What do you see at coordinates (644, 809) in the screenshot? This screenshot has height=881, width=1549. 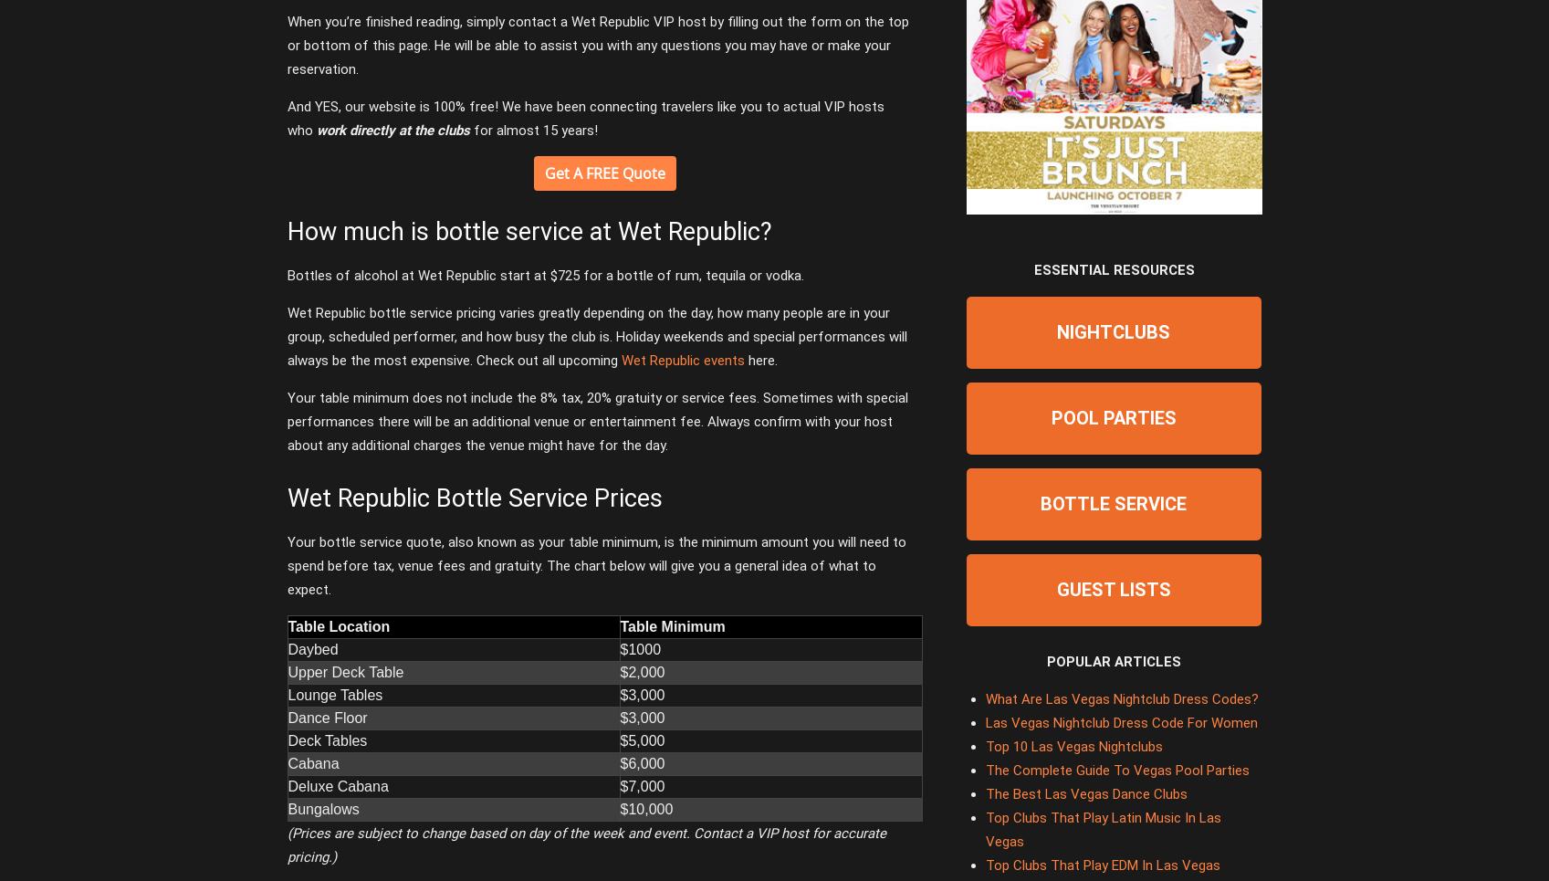 I see `'$10,000'` at bounding box center [644, 809].